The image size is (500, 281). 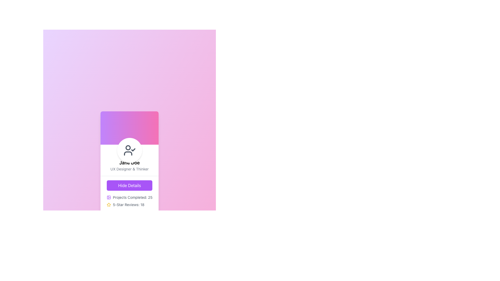 I want to click on the circular image holder containing a grey user icon with a checkmark, located at the top-center of Jane Doe's user profile card, so click(x=129, y=150).